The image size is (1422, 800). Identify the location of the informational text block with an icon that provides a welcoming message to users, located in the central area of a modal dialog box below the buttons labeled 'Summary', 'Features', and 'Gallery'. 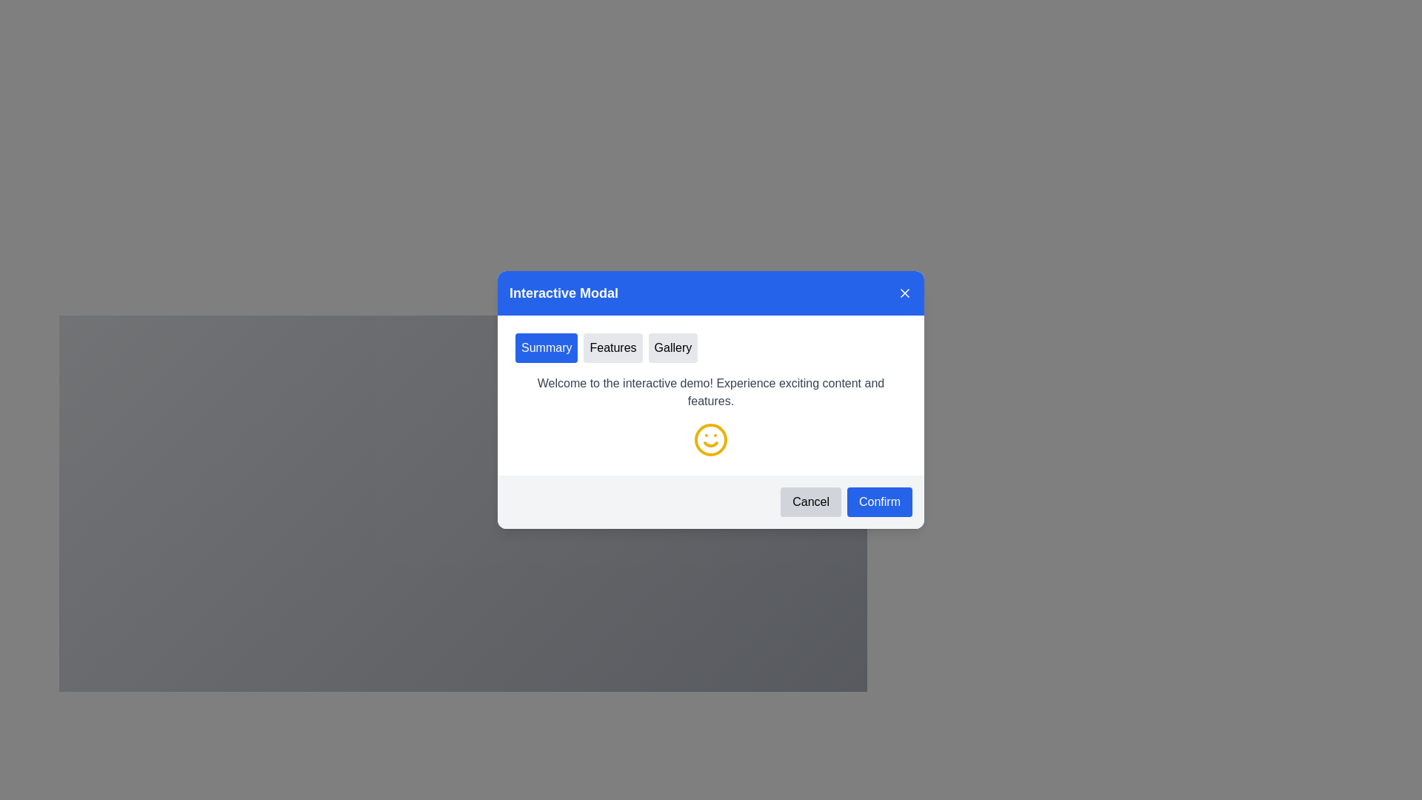
(711, 416).